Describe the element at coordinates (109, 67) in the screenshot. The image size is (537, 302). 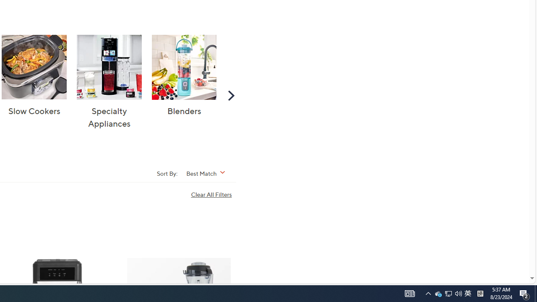
I see `'Specialty Appliances'` at that location.